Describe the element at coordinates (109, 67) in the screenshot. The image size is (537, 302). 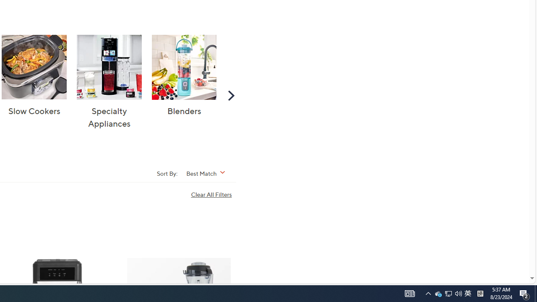
I see `'Specialty Appliances'` at that location.